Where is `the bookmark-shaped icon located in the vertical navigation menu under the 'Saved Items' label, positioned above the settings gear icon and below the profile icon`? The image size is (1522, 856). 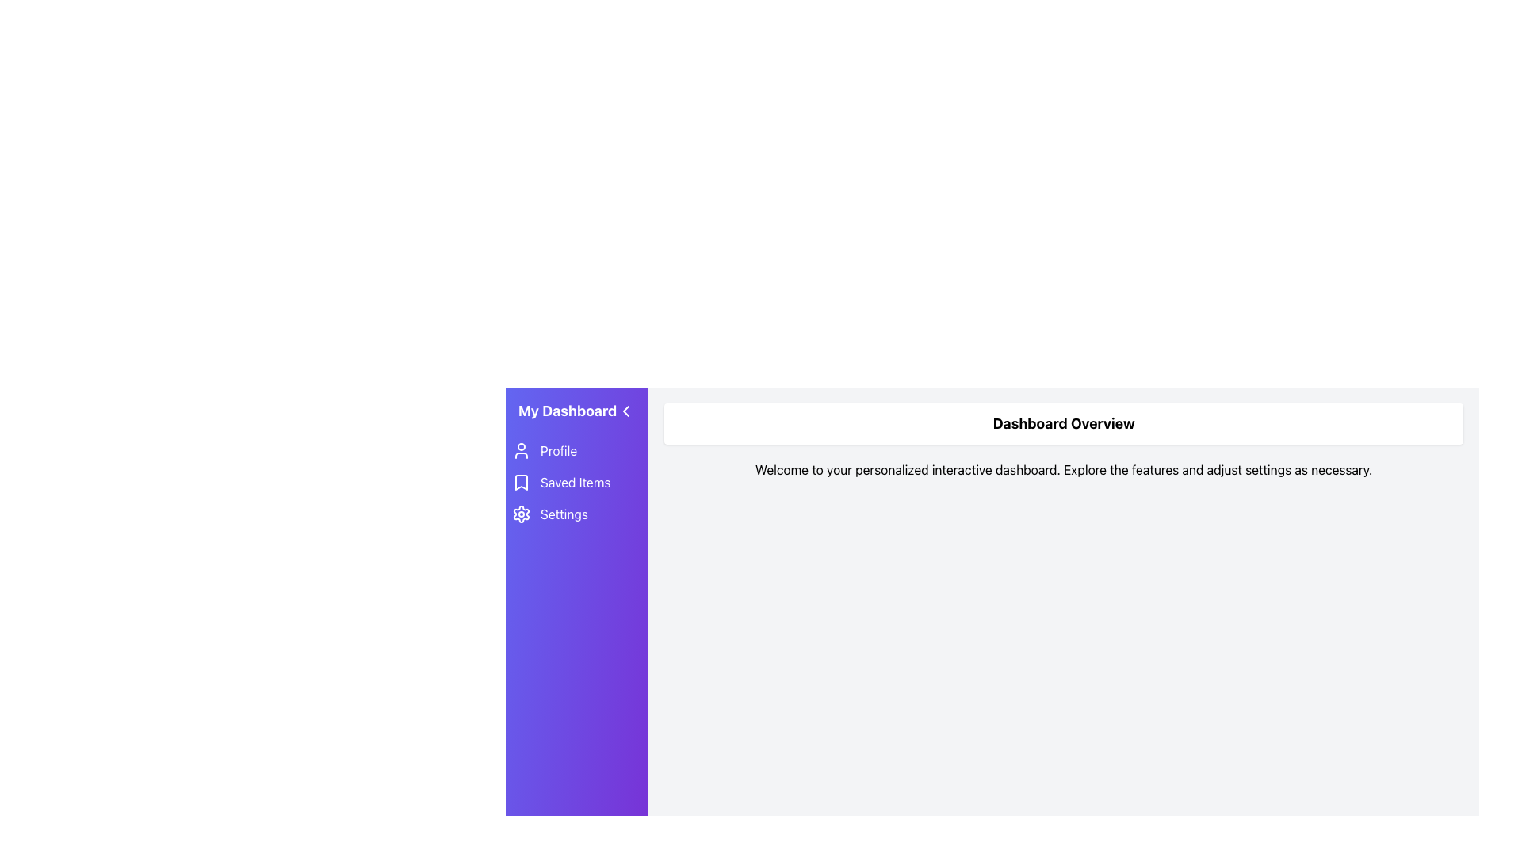
the bookmark-shaped icon located in the vertical navigation menu under the 'Saved Items' label, positioned above the settings gear icon and below the profile icon is located at coordinates (521, 482).